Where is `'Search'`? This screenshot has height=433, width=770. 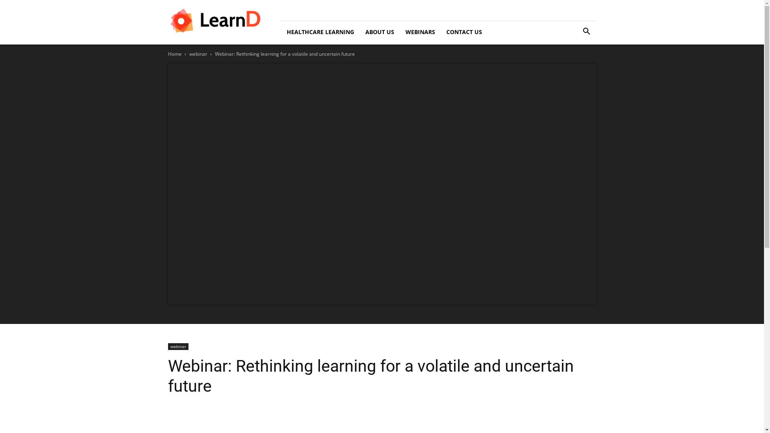 'Search' is located at coordinates (573, 65).